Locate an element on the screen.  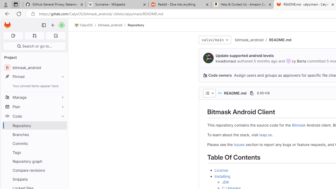
'README.md' is located at coordinates (280, 39).